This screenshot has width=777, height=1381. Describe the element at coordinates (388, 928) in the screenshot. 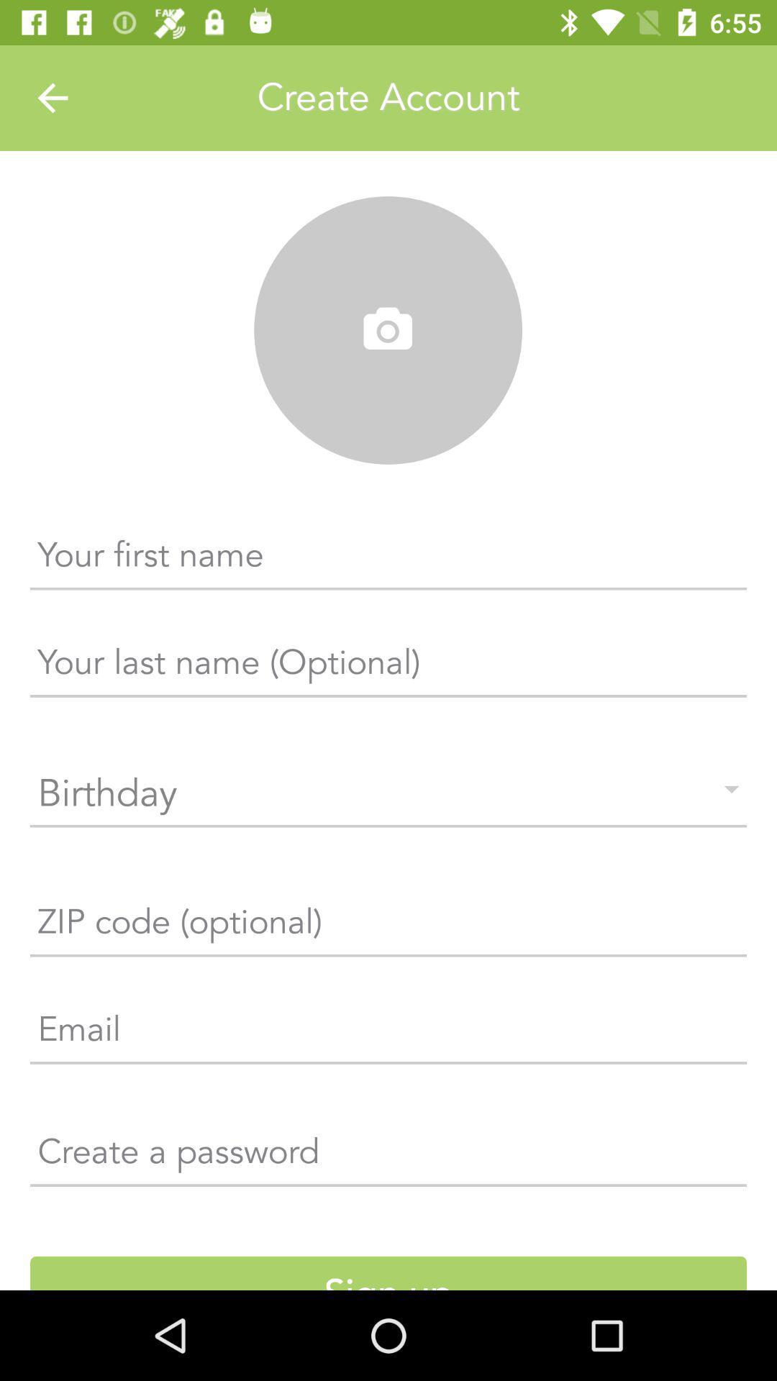

I see `the text which is just below the birthday` at that location.